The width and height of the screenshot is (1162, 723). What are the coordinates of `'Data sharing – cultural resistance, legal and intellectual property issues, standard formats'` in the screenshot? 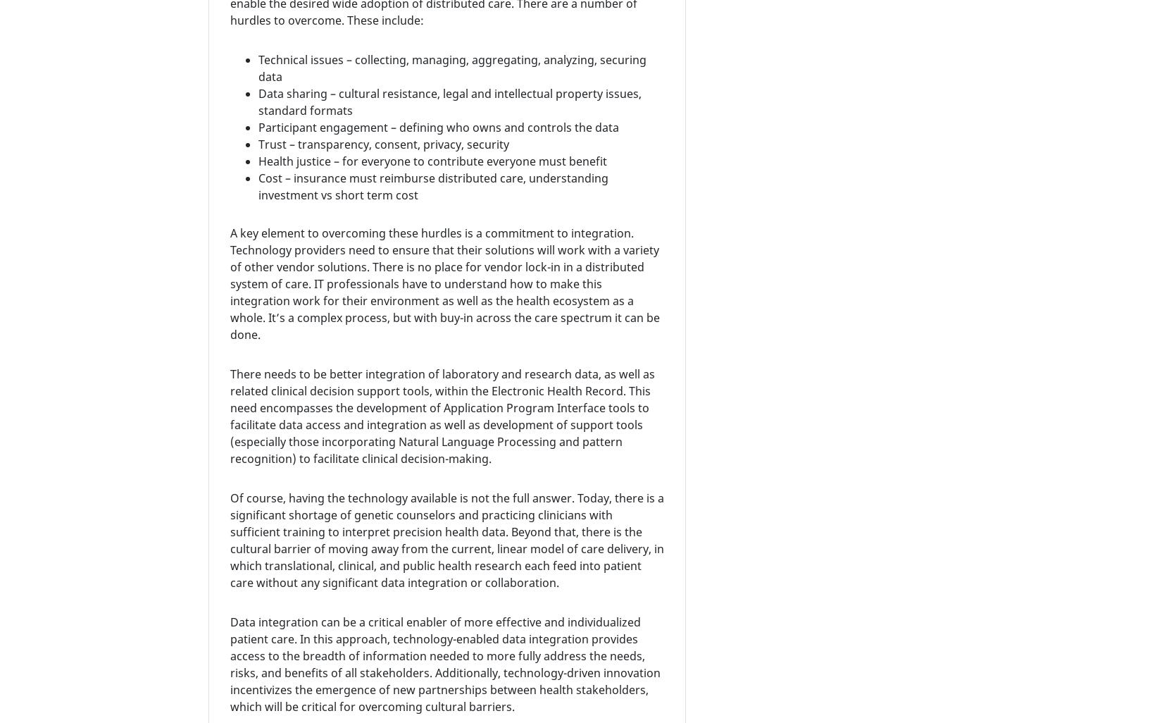 It's located at (449, 101).